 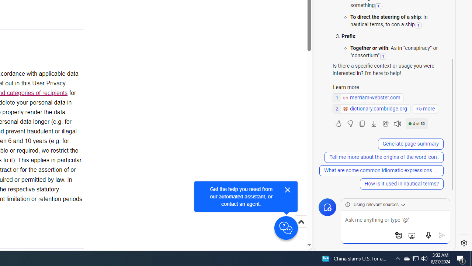 I want to click on 'Scroll to top', so click(x=301, y=221).